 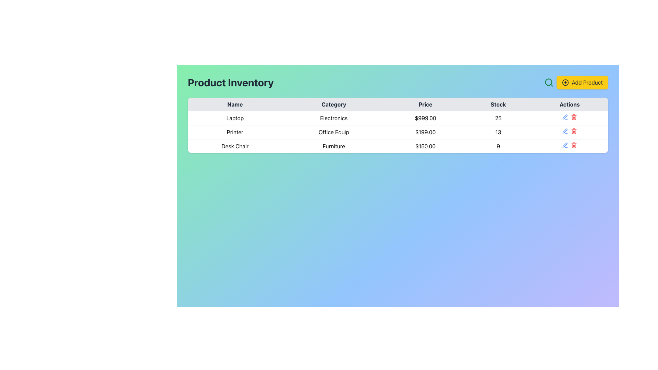 What do you see at coordinates (235, 118) in the screenshot?
I see `the Text Label indicating the product name for the first row entry in the 'Product Inventory' table under the 'Name' column` at bounding box center [235, 118].